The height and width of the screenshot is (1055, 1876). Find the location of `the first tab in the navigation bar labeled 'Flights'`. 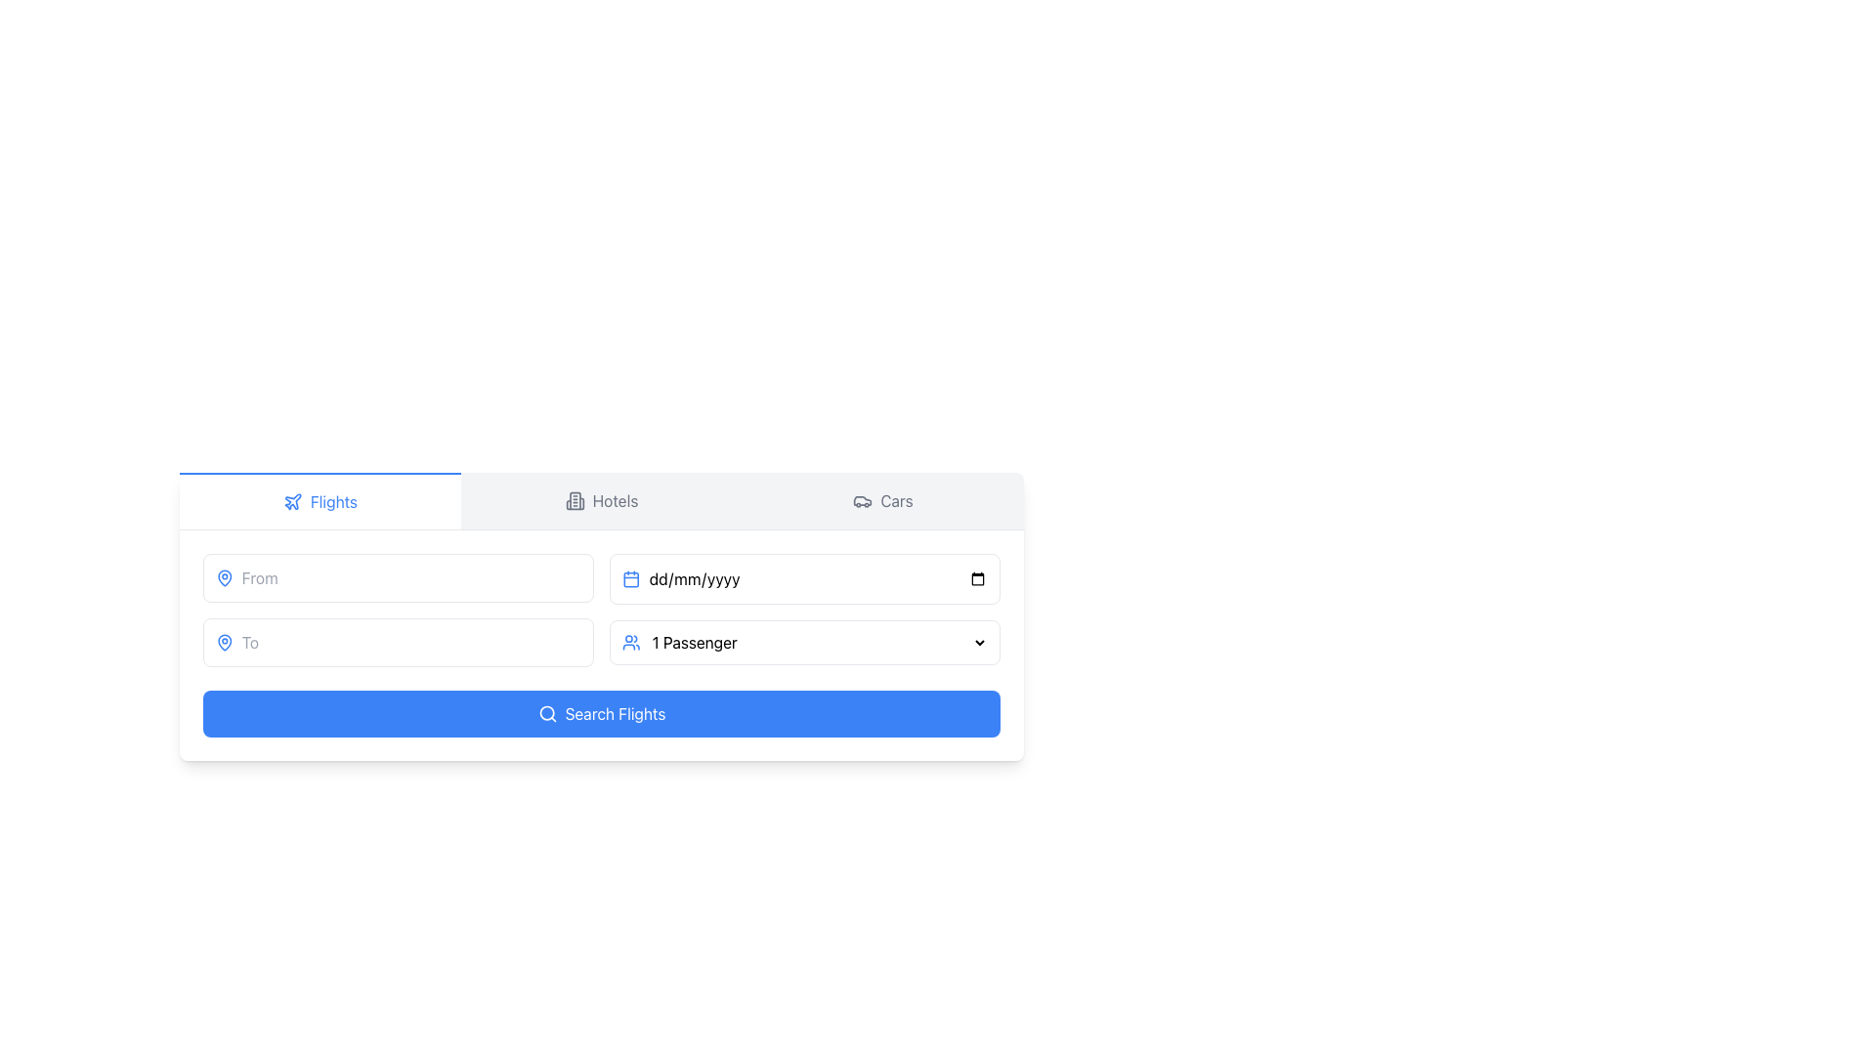

the first tab in the navigation bar labeled 'Flights' is located at coordinates (320, 500).